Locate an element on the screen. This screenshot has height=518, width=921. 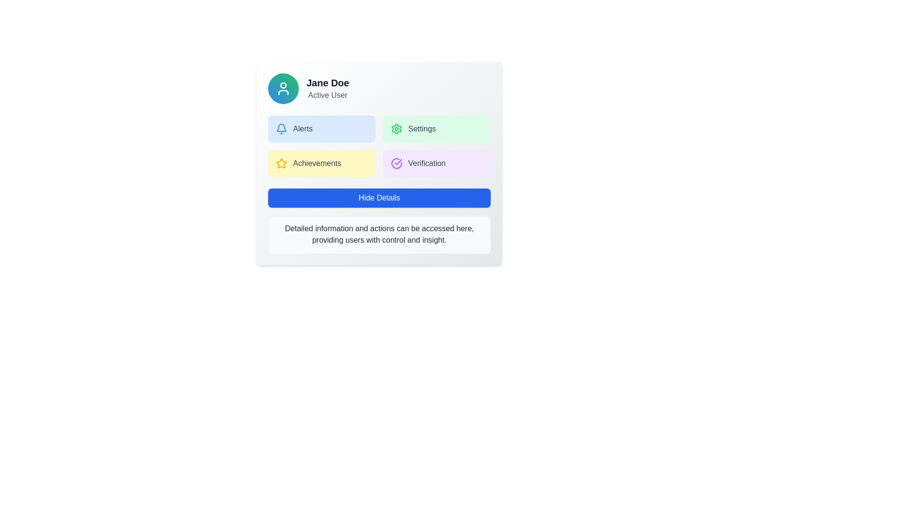
the blue bell icon representing notifications, located adjacent to the 'Alerts' label is located at coordinates (281, 127).